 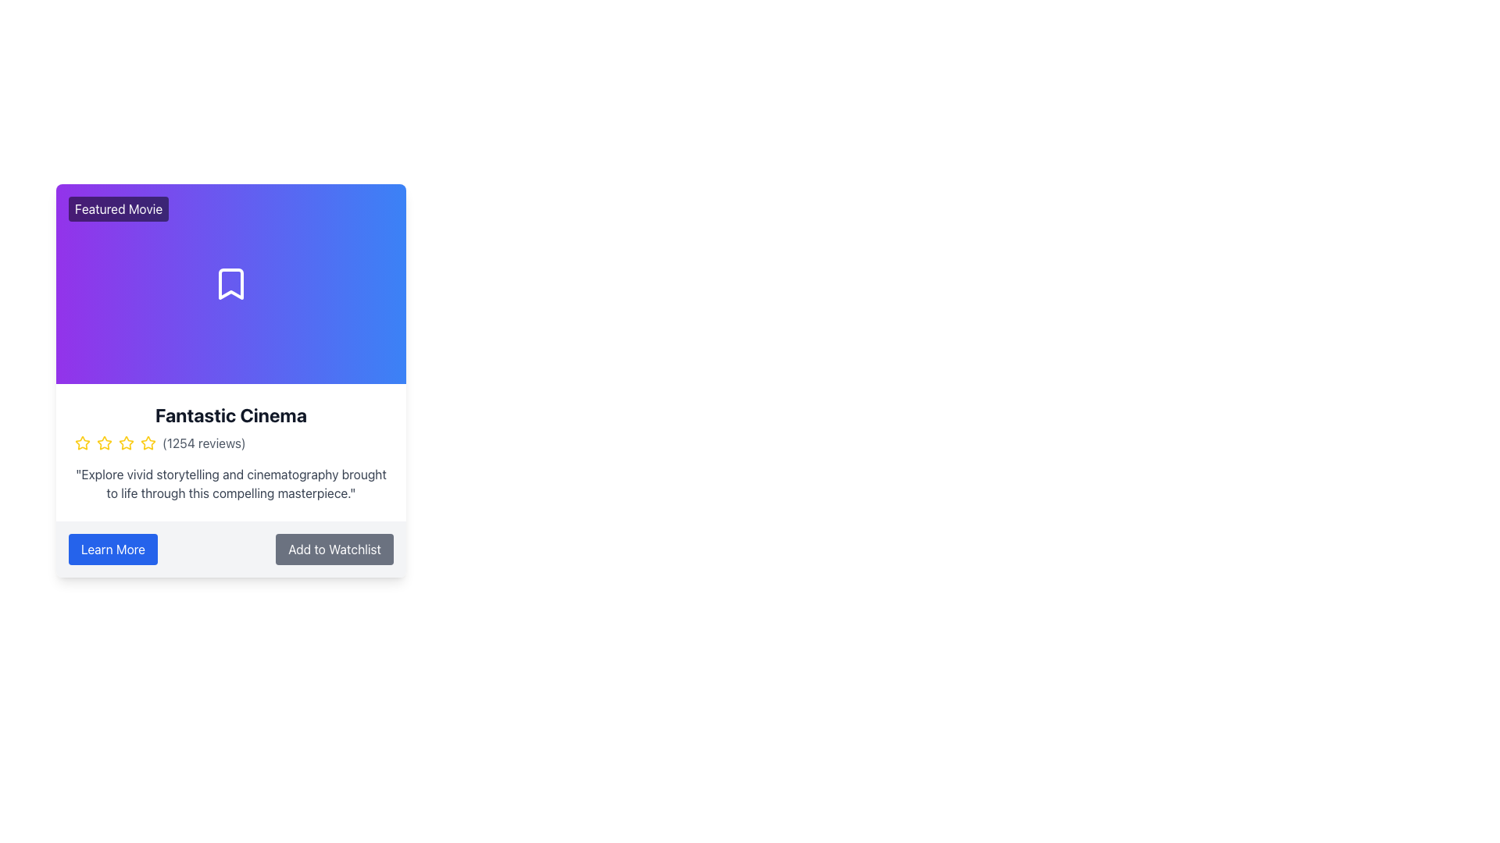 What do you see at coordinates (148, 443) in the screenshot?
I see `the star-shaped icon with a hollow center, which is the third star in the rating section of the 'Fantastic Cinema' card` at bounding box center [148, 443].